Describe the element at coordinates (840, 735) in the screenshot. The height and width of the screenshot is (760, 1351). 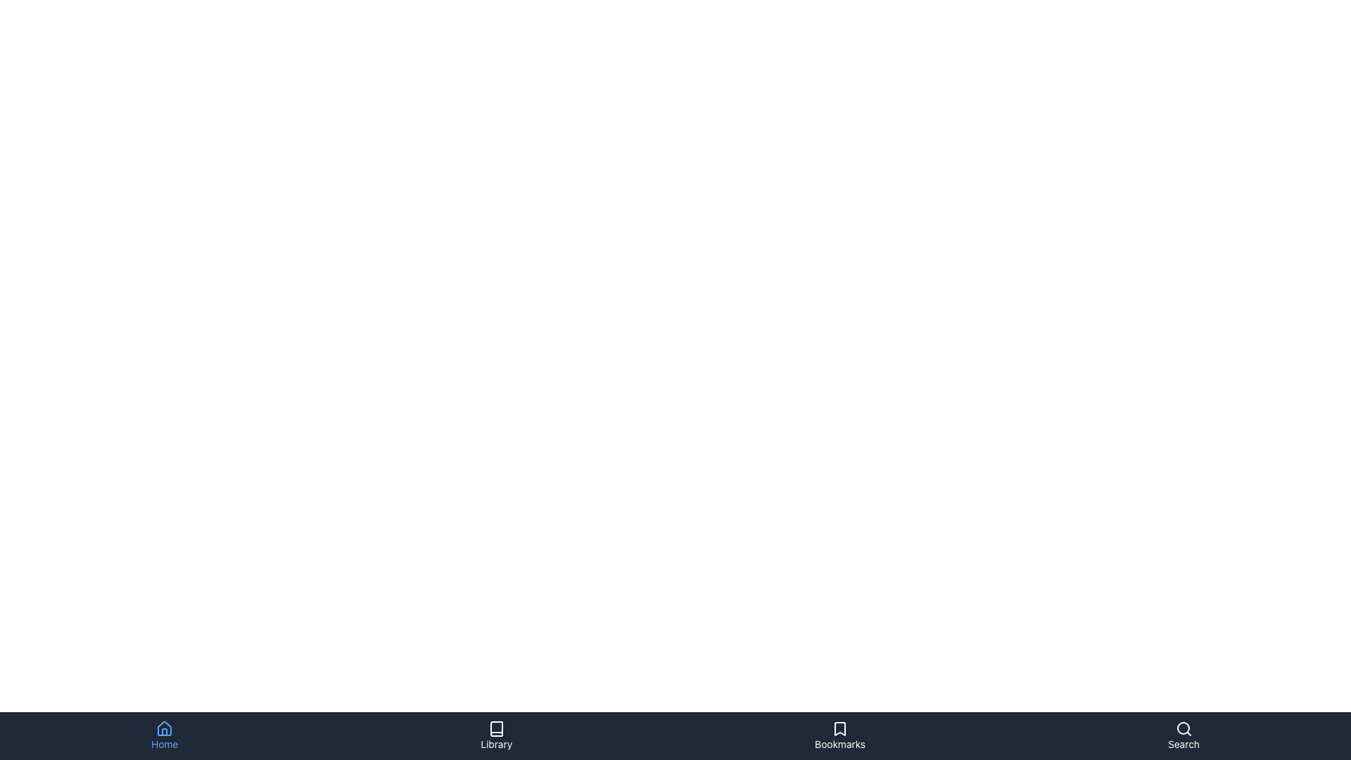
I see `the third navigation button from the left at the bottom of the interface` at that location.